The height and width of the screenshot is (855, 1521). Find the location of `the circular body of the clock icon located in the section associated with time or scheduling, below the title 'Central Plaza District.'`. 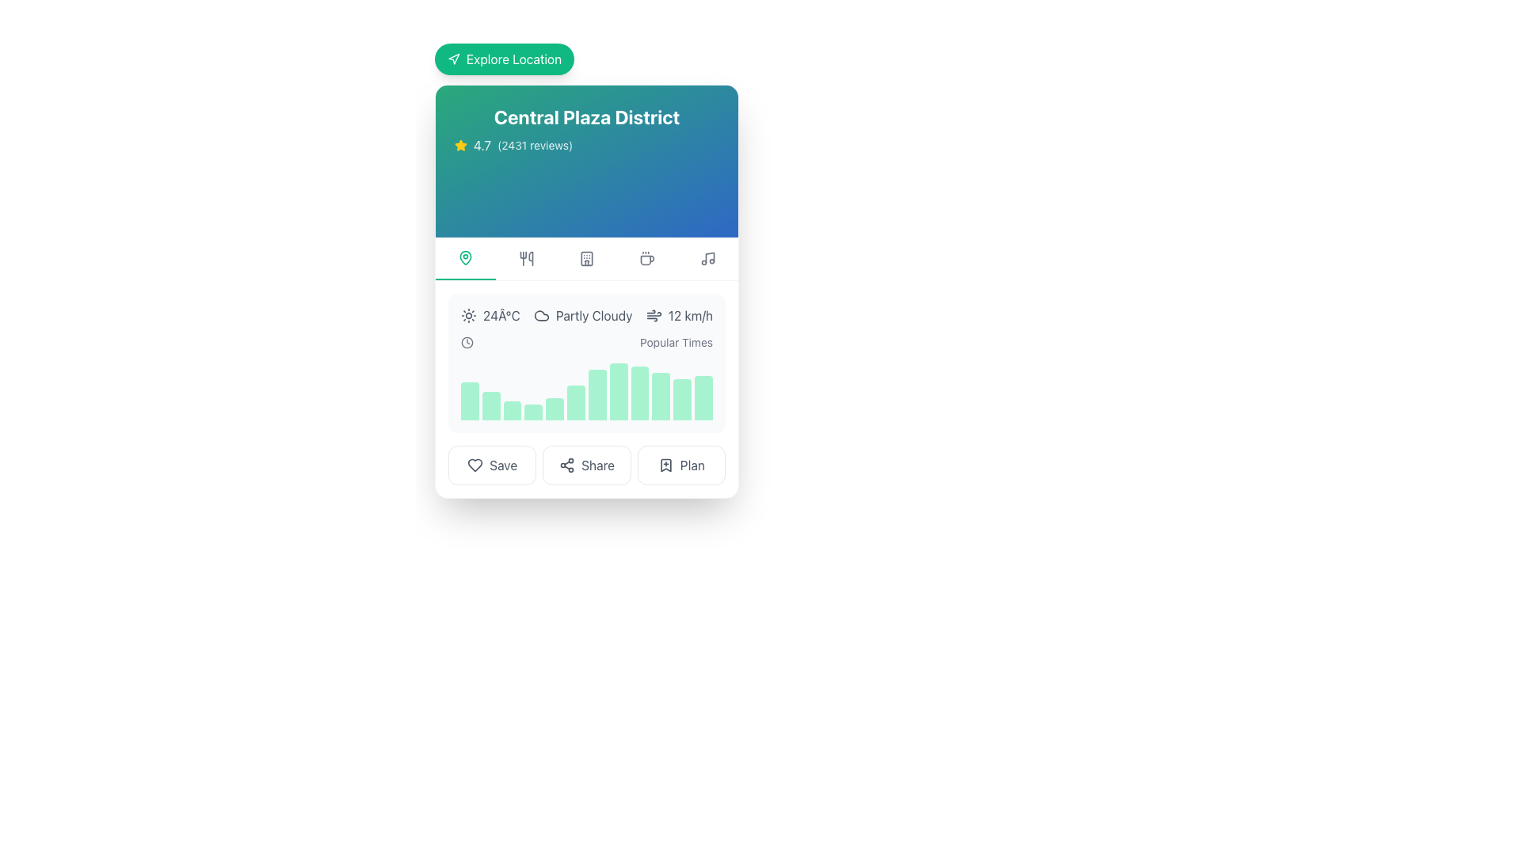

the circular body of the clock icon located in the section associated with time or scheduling, below the title 'Central Plaza District.' is located at coordinates (467, 341).